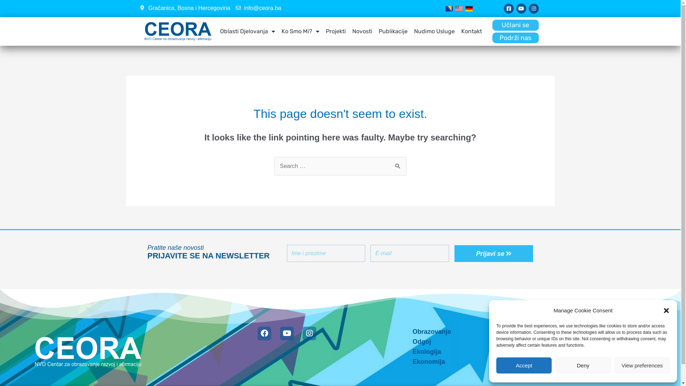  Describe the element at coordinates (398, 164) in the screenshot. I see `'Search'` at that location.